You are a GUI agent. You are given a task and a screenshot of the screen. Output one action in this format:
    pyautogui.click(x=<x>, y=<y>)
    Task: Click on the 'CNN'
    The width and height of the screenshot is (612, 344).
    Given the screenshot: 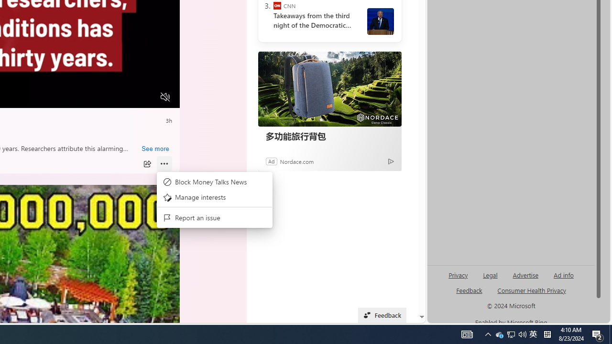 What is the action you would take?
    pyautogui.click(x=276, y=6)
    